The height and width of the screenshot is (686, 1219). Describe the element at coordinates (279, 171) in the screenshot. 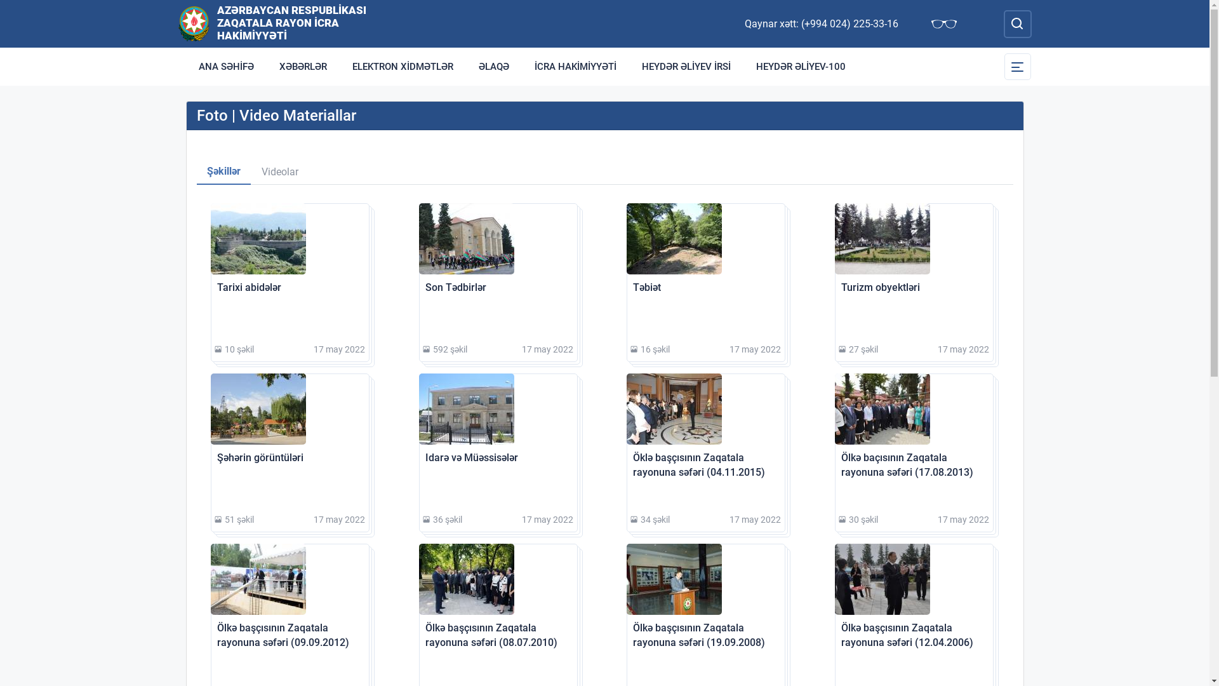

I see `'Videolar'` at that location.